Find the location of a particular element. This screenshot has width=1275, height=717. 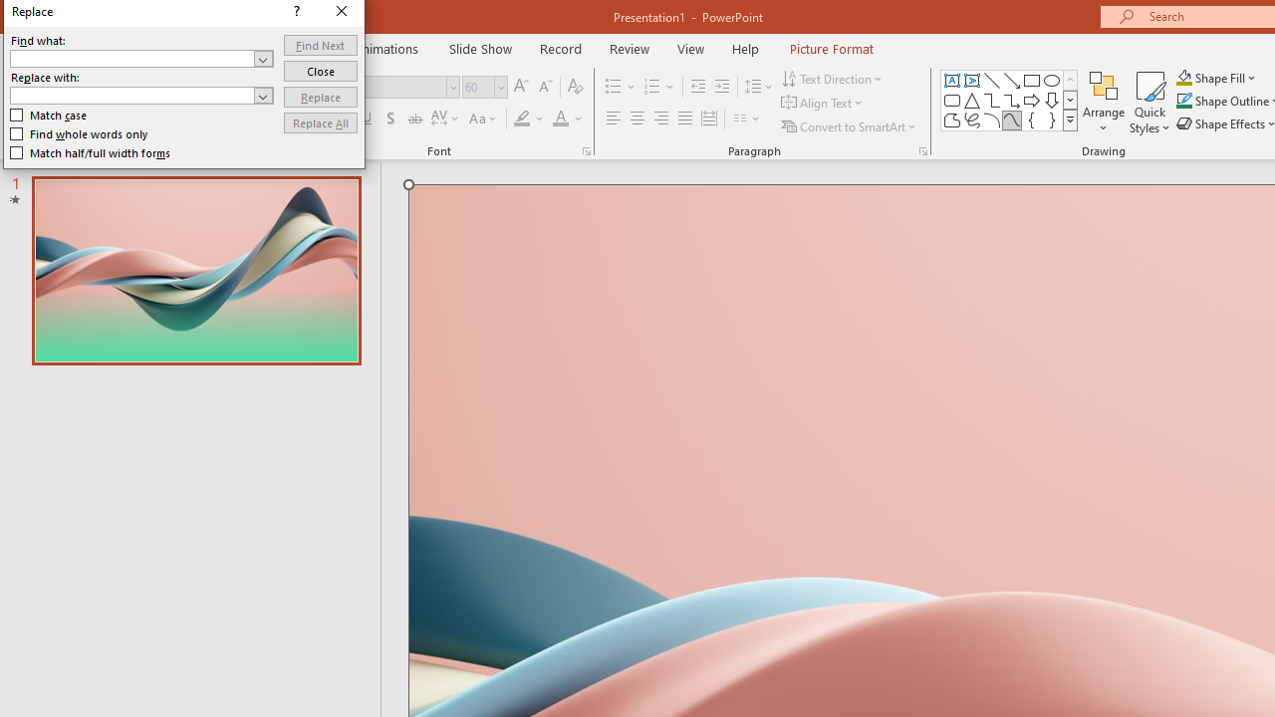

'Decrease Indent' is located at coordinates (697, 86).